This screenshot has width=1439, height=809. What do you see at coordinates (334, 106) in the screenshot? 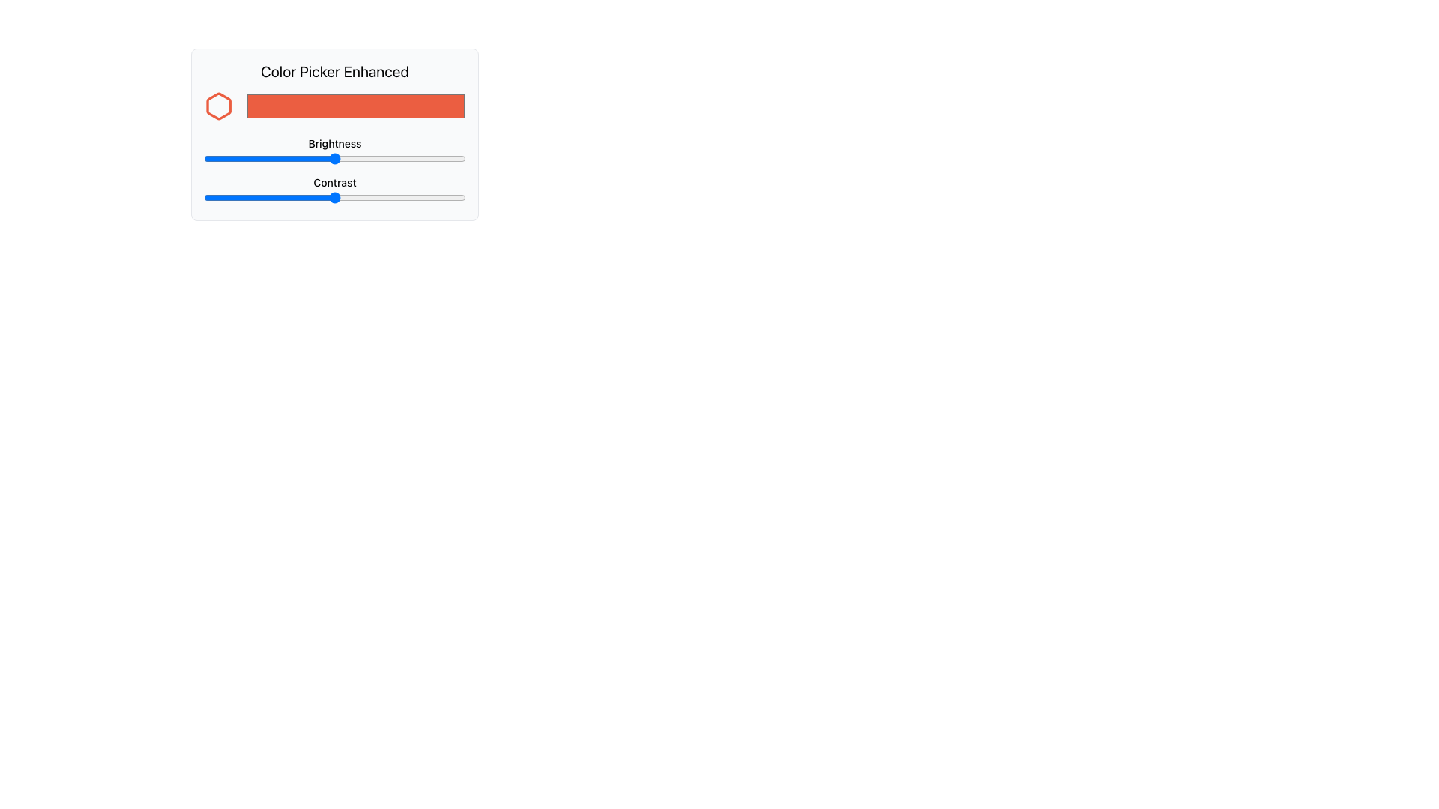
I see `across the Interactive color input field, which is a red rectangular area located in the 'Color Picker Enhanced' section` at bounding box center [334, 106].